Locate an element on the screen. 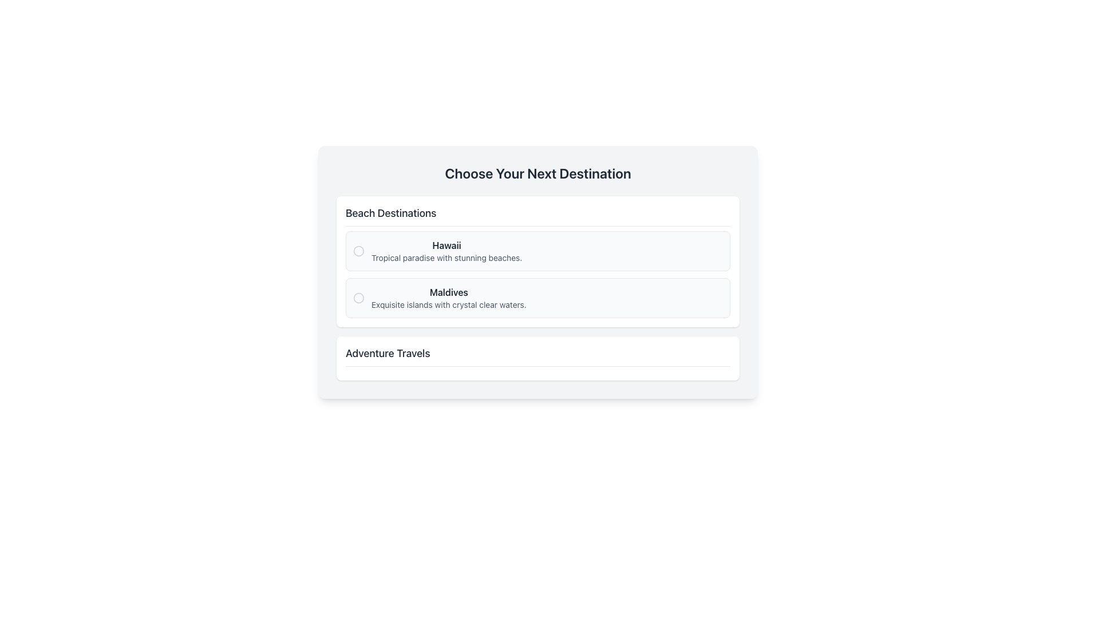 This screenshot has width=1099, height=618. the text label indicating the beach destination option titled 'Hawaii' in the selection menu is located at coordinates (446, 244).